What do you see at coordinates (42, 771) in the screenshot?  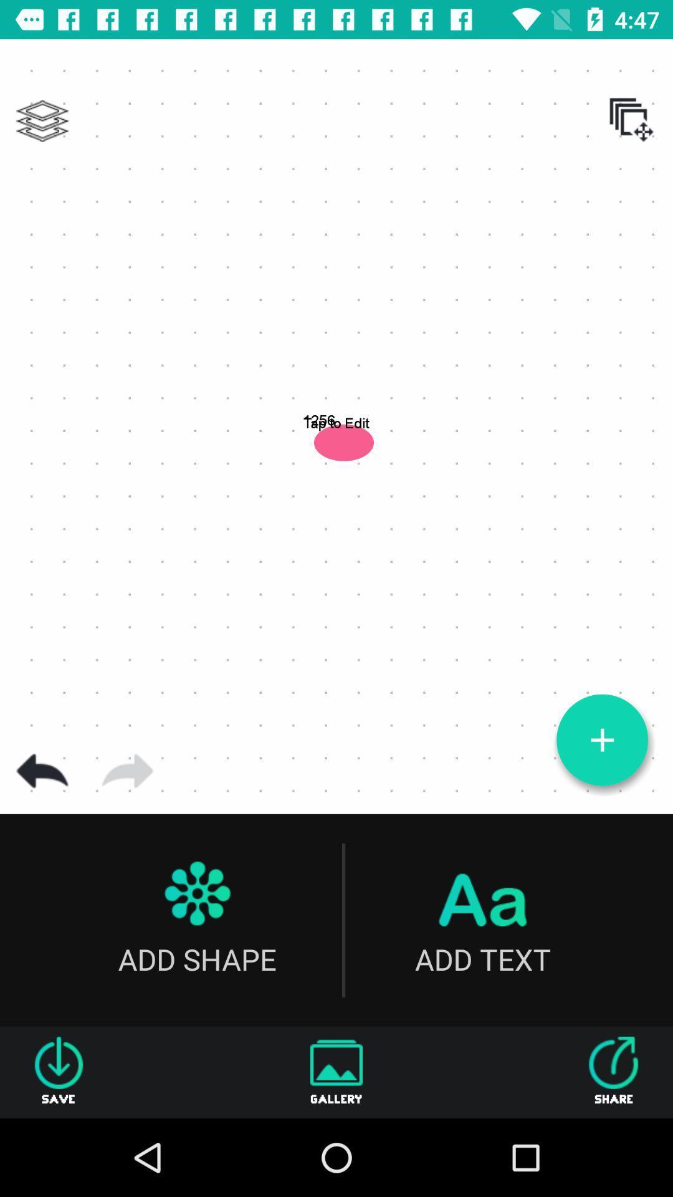 I see `go back` at bounding box center [42, 771].